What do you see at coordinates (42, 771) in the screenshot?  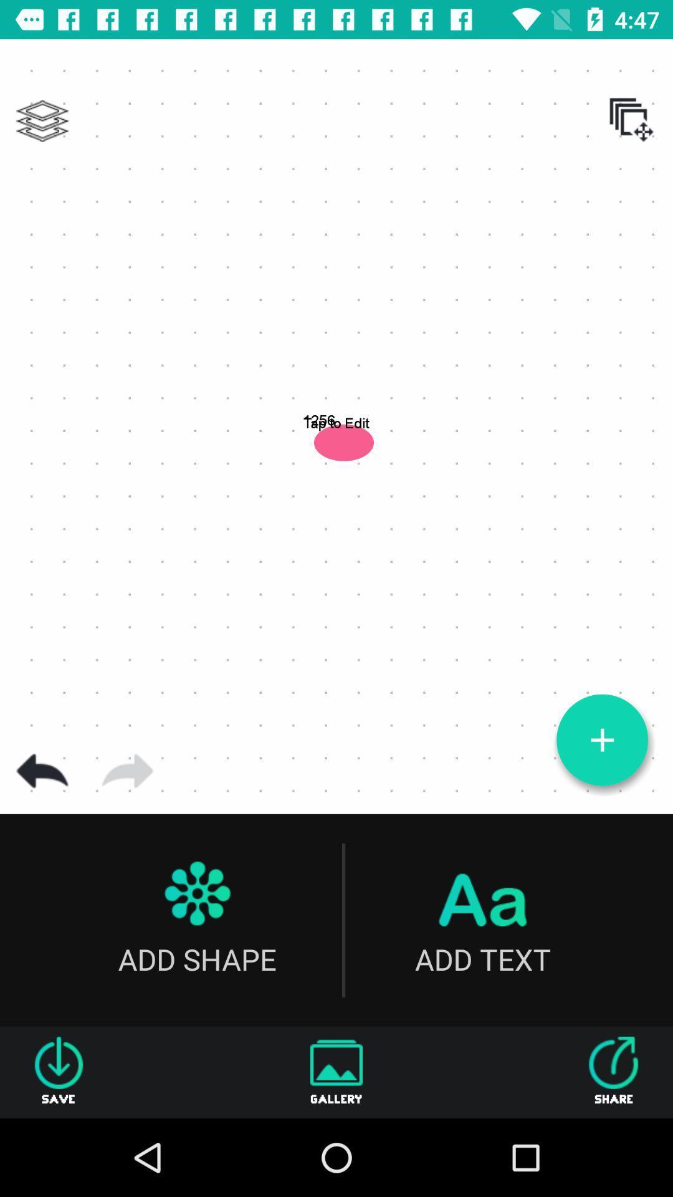 I see `go back` at bounding box center [42, 771].